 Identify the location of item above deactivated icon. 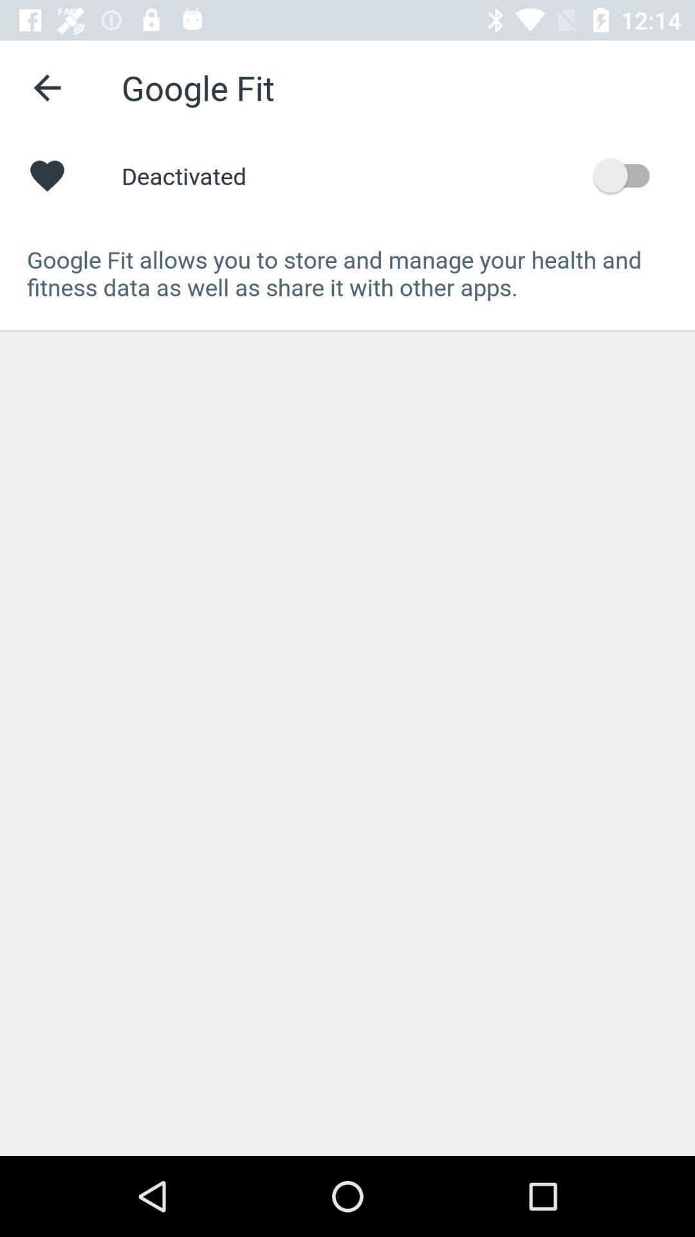
(46, 87).